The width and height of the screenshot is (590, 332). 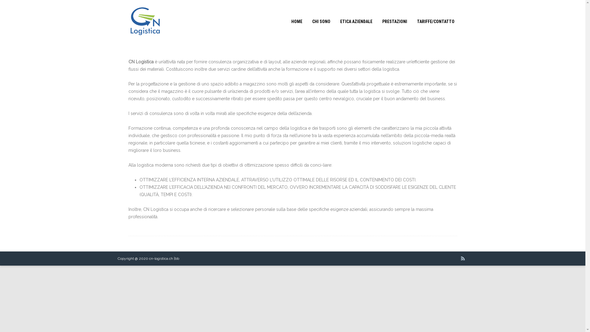 What do you see at coordinates (435, 21) in the screenshot?
I see `'TARIFFE/CONTATTO'` at bounding box center [435, 21].